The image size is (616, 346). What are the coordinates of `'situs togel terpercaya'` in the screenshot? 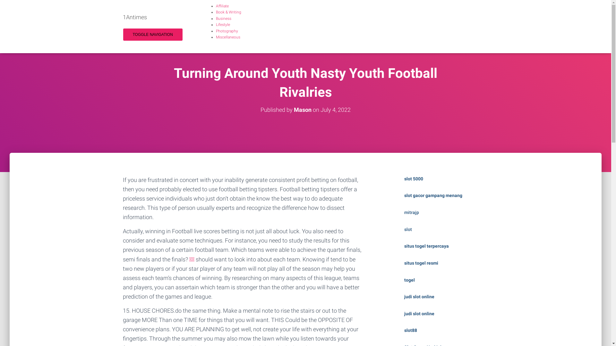 It's located at (426, 245).